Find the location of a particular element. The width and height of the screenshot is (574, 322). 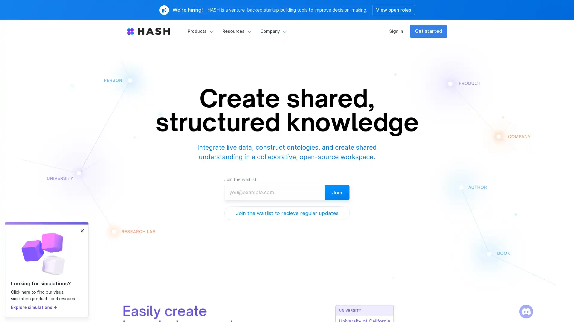

Products is located at coordinates (200, 31).